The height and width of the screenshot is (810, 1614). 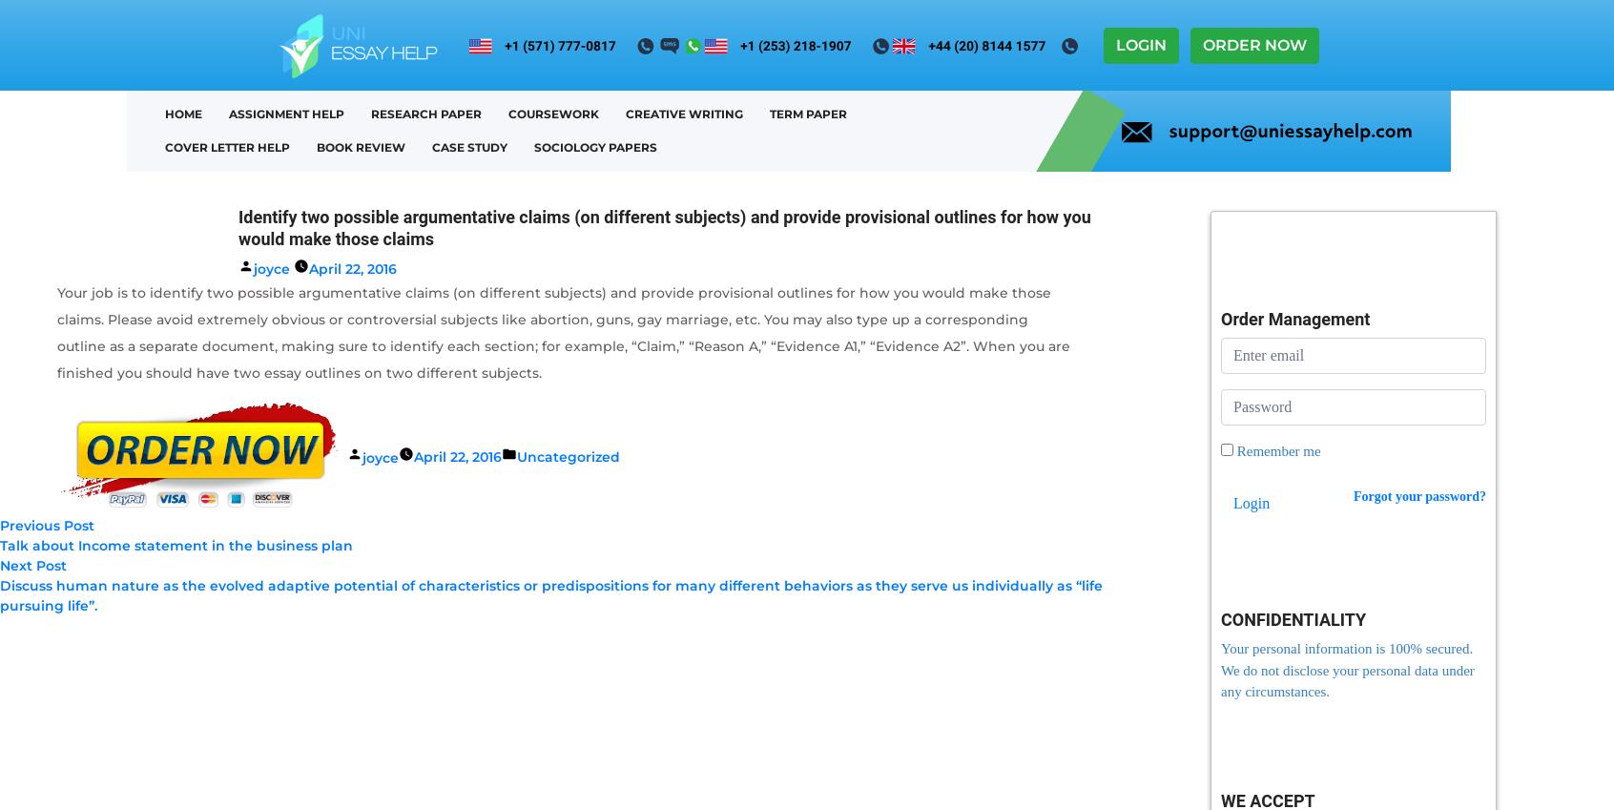 I want to click on 'Book Review', so click(x=361, y=146).